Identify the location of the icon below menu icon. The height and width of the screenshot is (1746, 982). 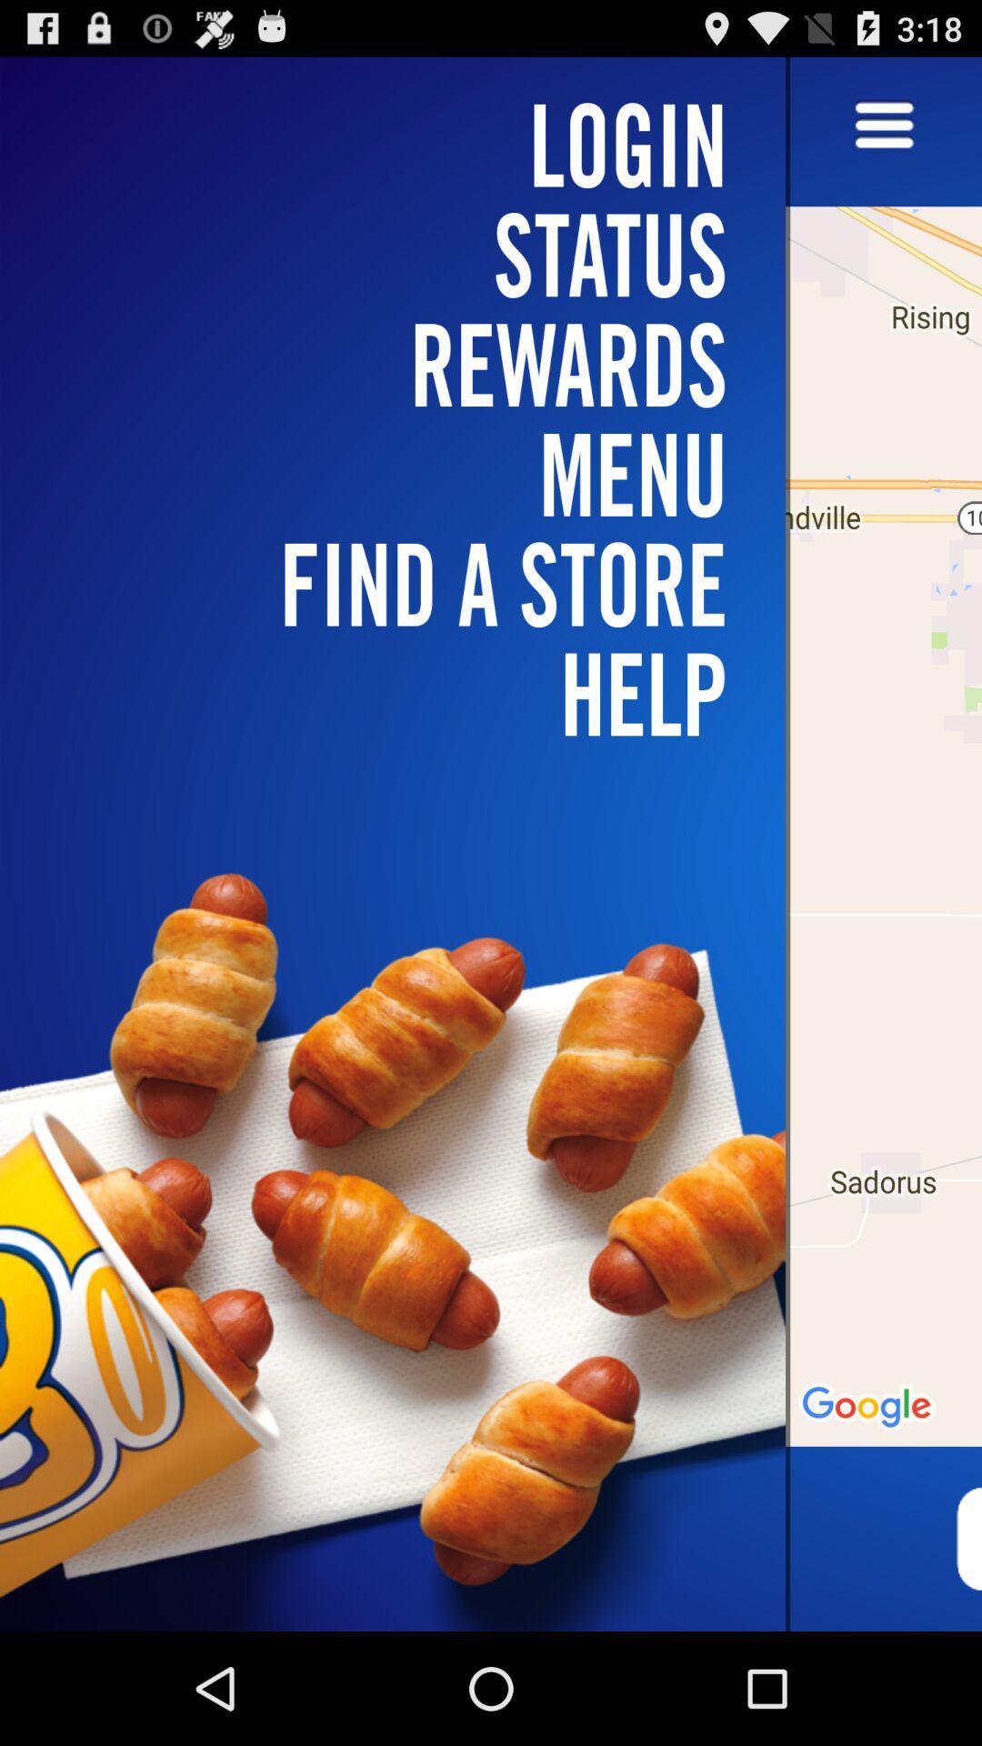
(403, 693).